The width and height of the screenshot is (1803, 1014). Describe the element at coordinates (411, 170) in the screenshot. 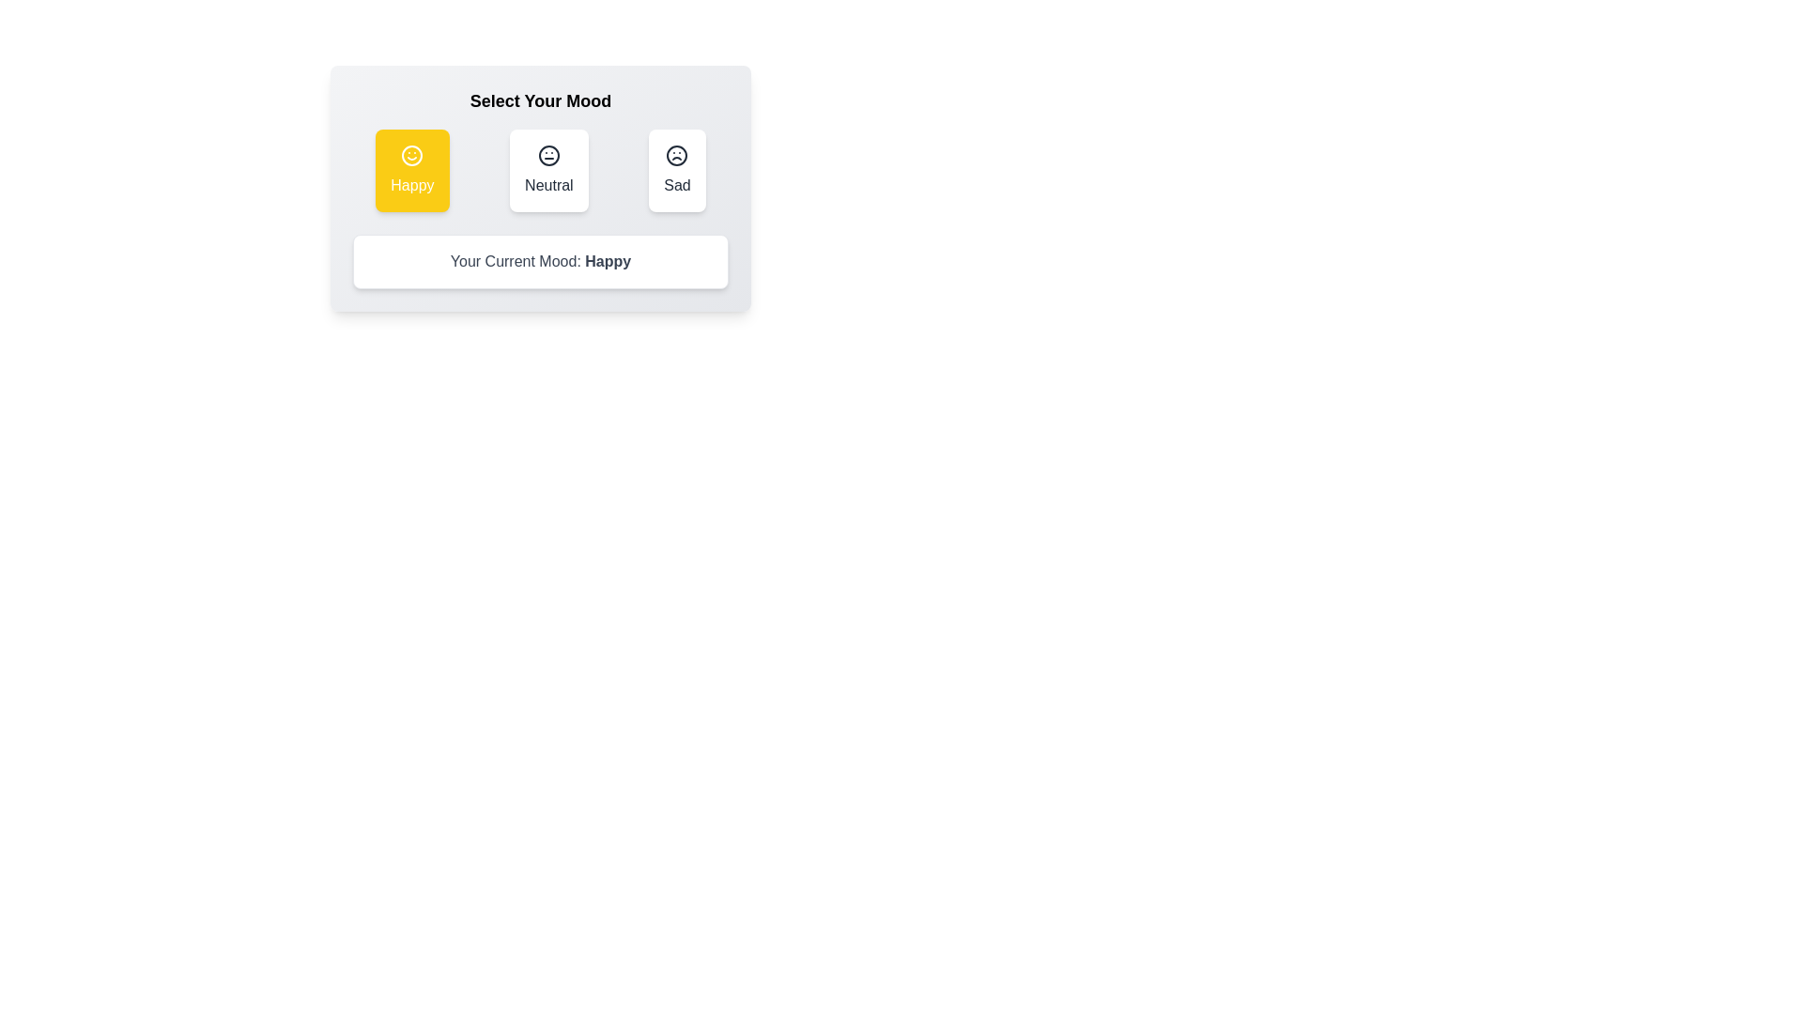

I see `the mood Happy by clicking on its corresponding button` at that location.